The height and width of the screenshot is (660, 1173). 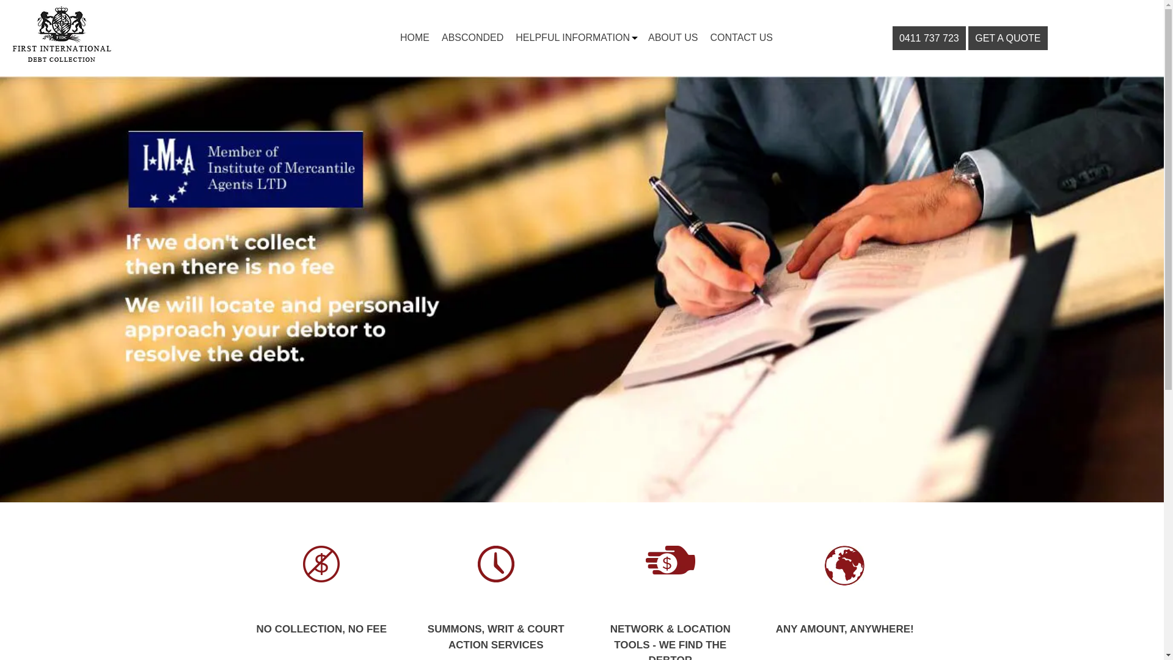 What do you see at coordinates (472, 37) in the screenshot?
I see `'ABSCONDED'` at bounding box center [472, 37].